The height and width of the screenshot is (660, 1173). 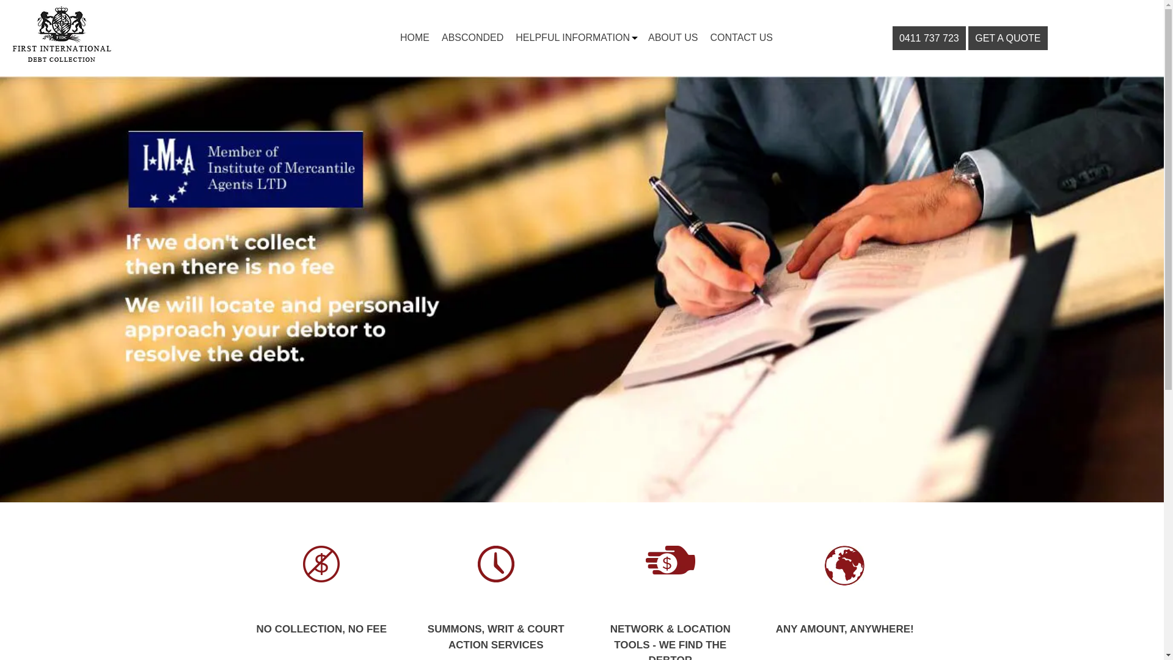 What do you see at coordinates (472, 37) in the screenshot?
I see `'ABSCONDED'` at bounding box center [472, 37].